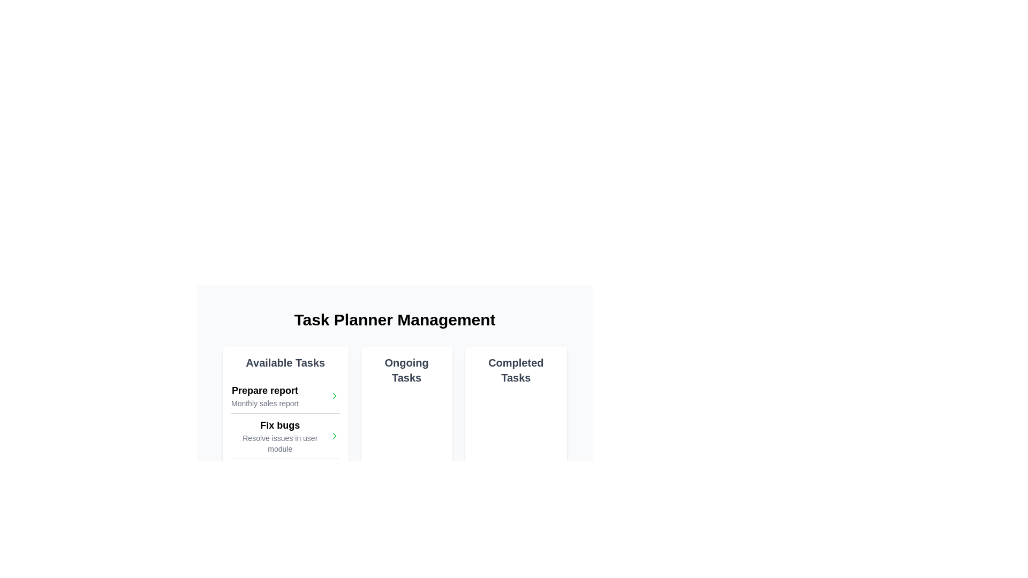 This screenshot has width=1028, height=578. Describe the element at coordinates (406, 369) in the screenshot. I see `the 'Ongoing Tasks' text label, which is styled in a bold, extra-large serif font and is located at the top center of the second card from the left in a set of three horizontally arranged cards` at that location.